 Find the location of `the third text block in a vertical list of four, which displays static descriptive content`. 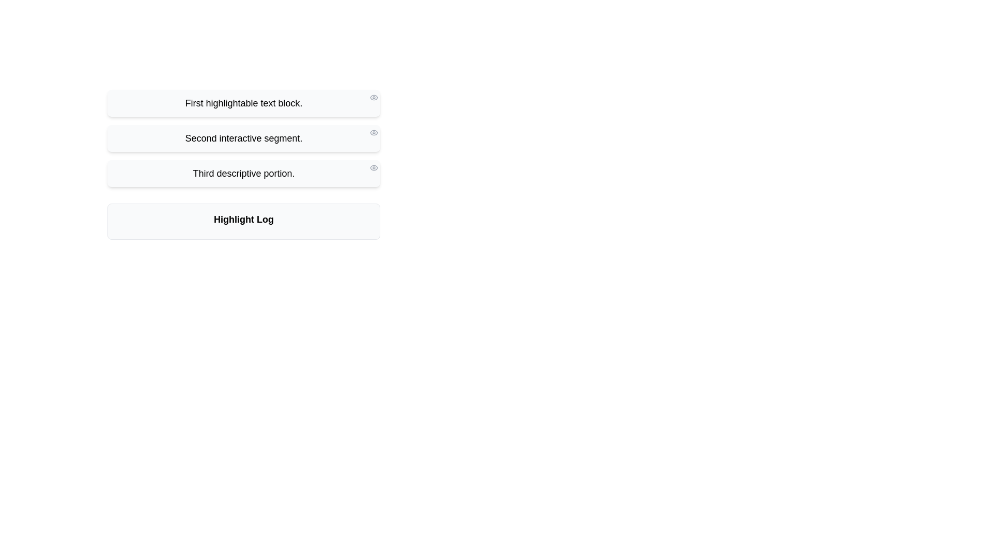

the third text block in a vertical list of four, which displays static descriptive content is located at coordinates (243, 164).